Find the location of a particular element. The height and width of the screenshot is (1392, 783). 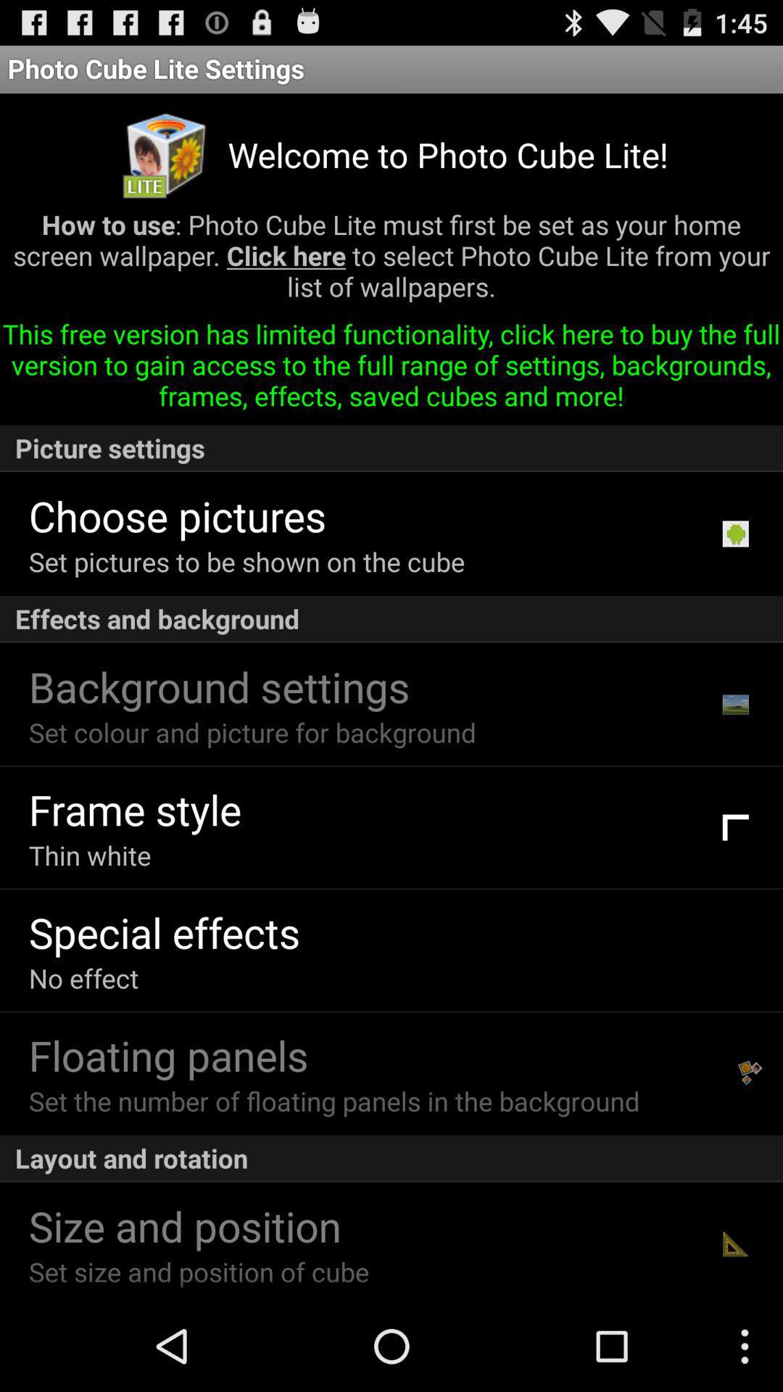

app below the welcome to photo app is located at coordinates (391, 261).